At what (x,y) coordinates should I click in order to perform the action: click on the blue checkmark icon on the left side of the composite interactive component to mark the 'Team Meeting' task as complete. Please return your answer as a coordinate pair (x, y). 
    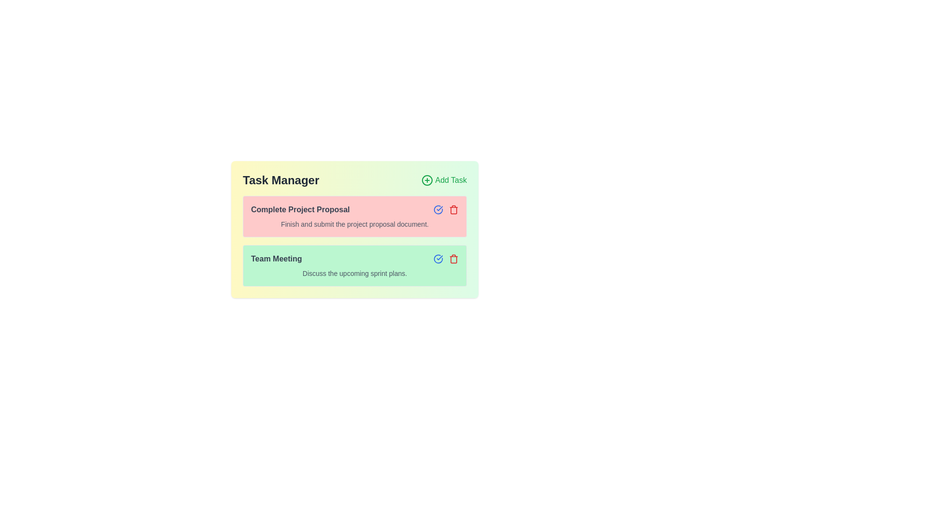
    Looking at the image, I should click on (446, 258).